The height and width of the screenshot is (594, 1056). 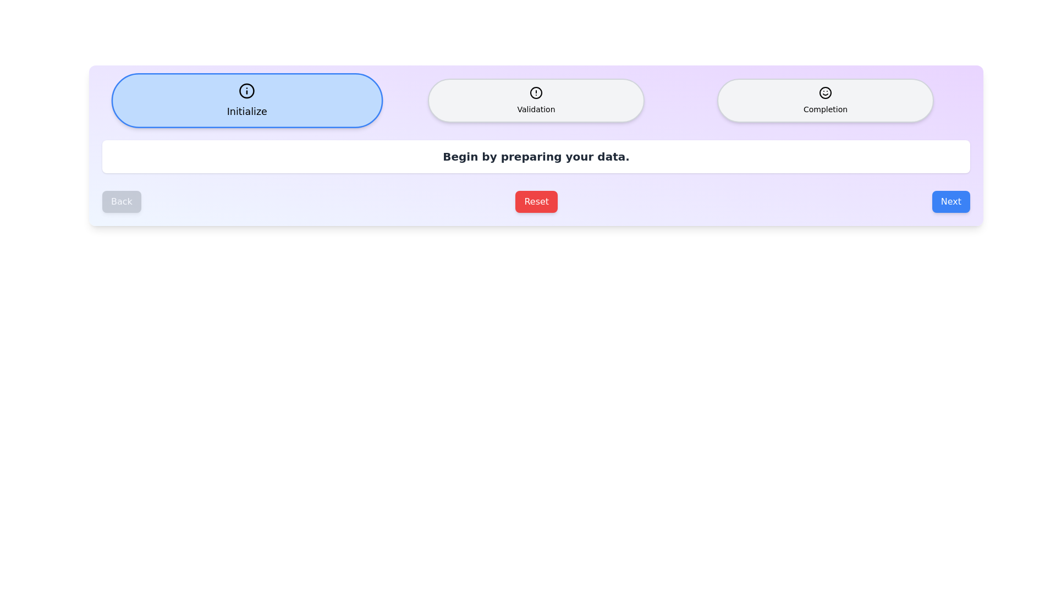 What do you see at coordinates (536, 201) in the screenshot?
I see `the 'Reset' button to reset the navigation to the initial step` at bounding box center [536, 201].